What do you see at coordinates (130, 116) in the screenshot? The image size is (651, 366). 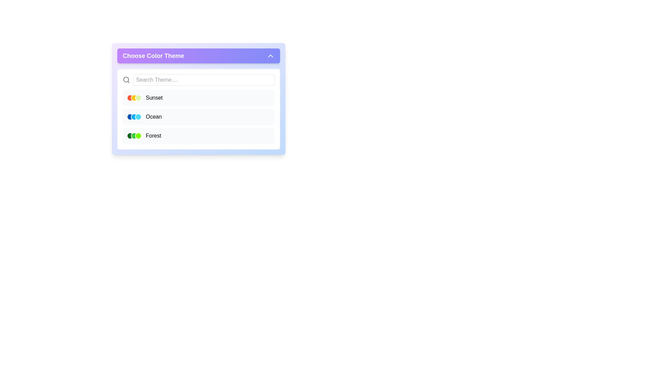 I see `the leftmost circular button with a thick white border and solid blue fill in the 'Ocean' theme selector` at bounding box center [130, 116].